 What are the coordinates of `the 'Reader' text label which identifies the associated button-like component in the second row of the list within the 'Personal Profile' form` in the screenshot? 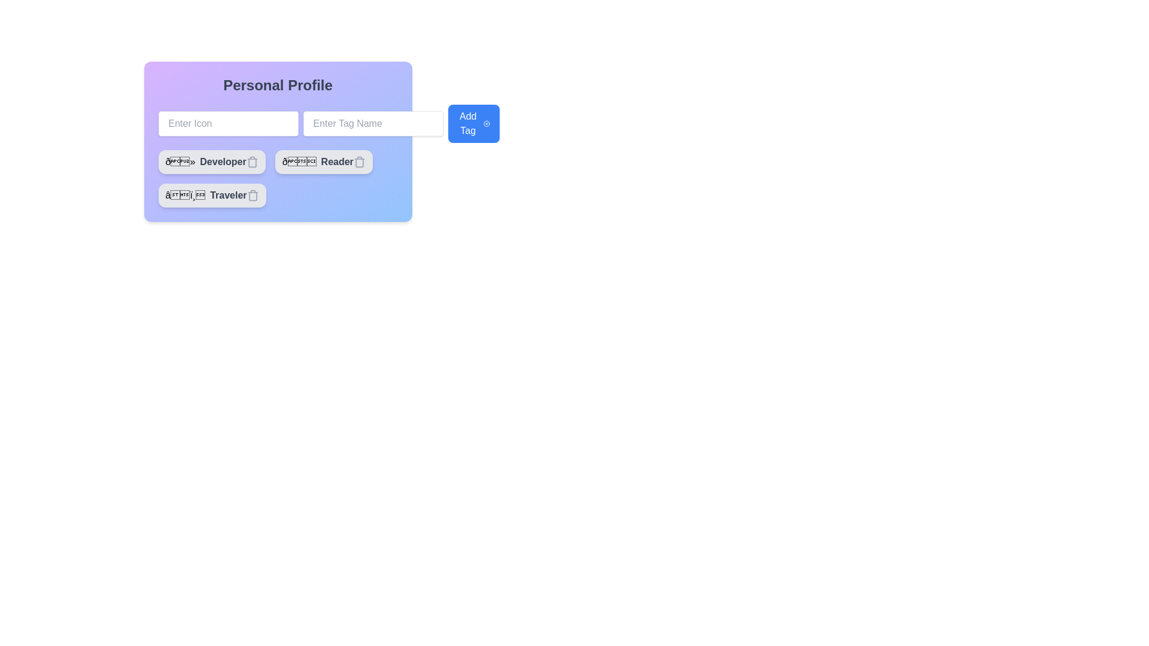 It's located at (336, 161).